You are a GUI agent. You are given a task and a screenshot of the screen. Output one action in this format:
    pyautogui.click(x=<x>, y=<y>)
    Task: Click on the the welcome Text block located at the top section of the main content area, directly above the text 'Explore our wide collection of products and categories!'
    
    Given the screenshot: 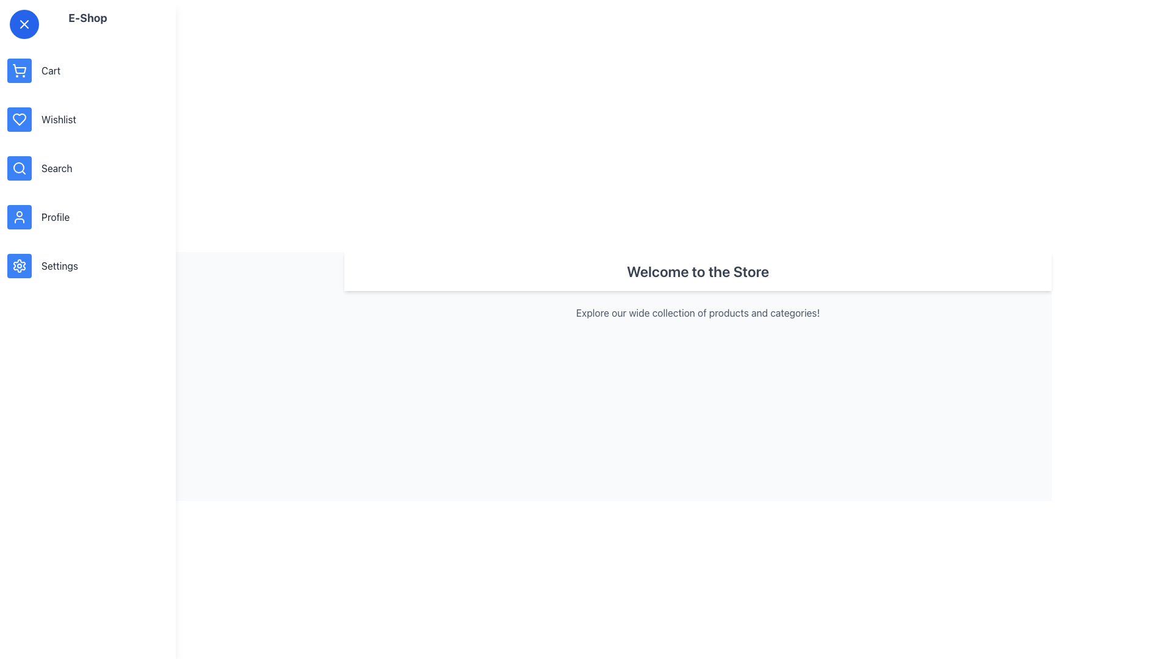 What is the action you would take?
    pyautogui.click(x=698, y=270)
    